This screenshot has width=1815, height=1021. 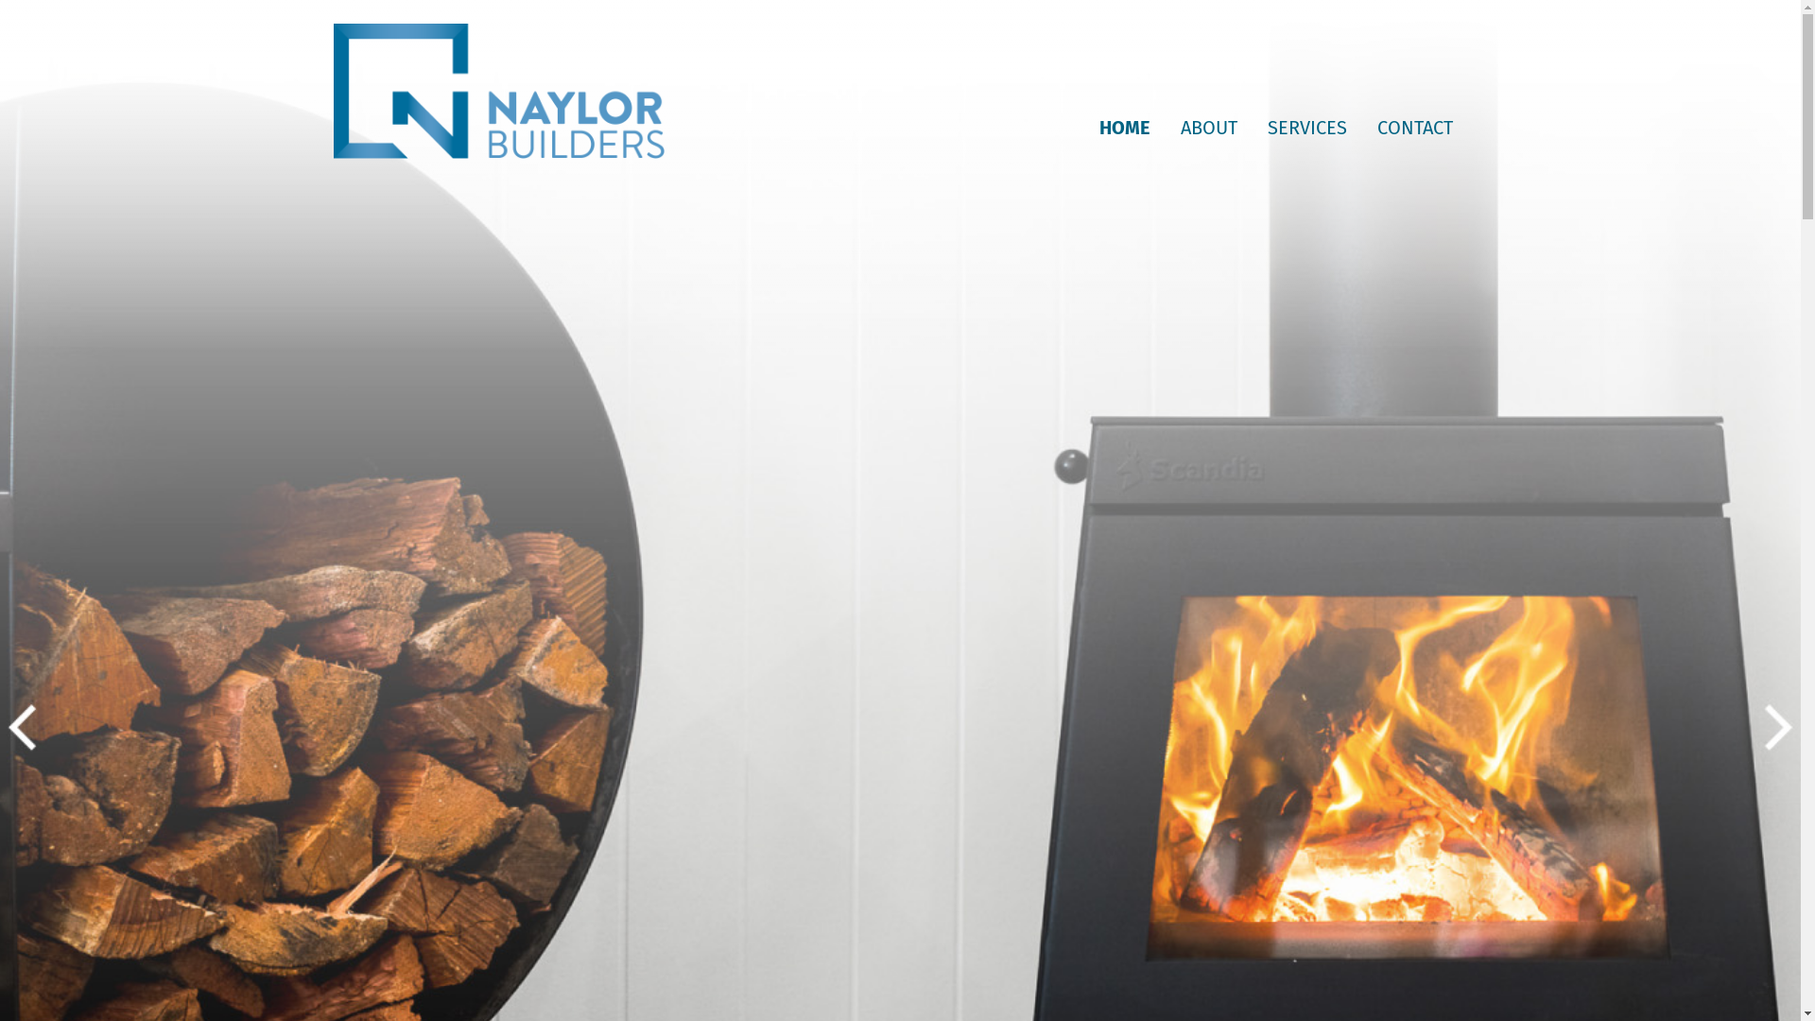 What do you see at coordinates (1206, 127) in the screenshot?
I see `'ABOUT'` at bounding box center [1206, 127].